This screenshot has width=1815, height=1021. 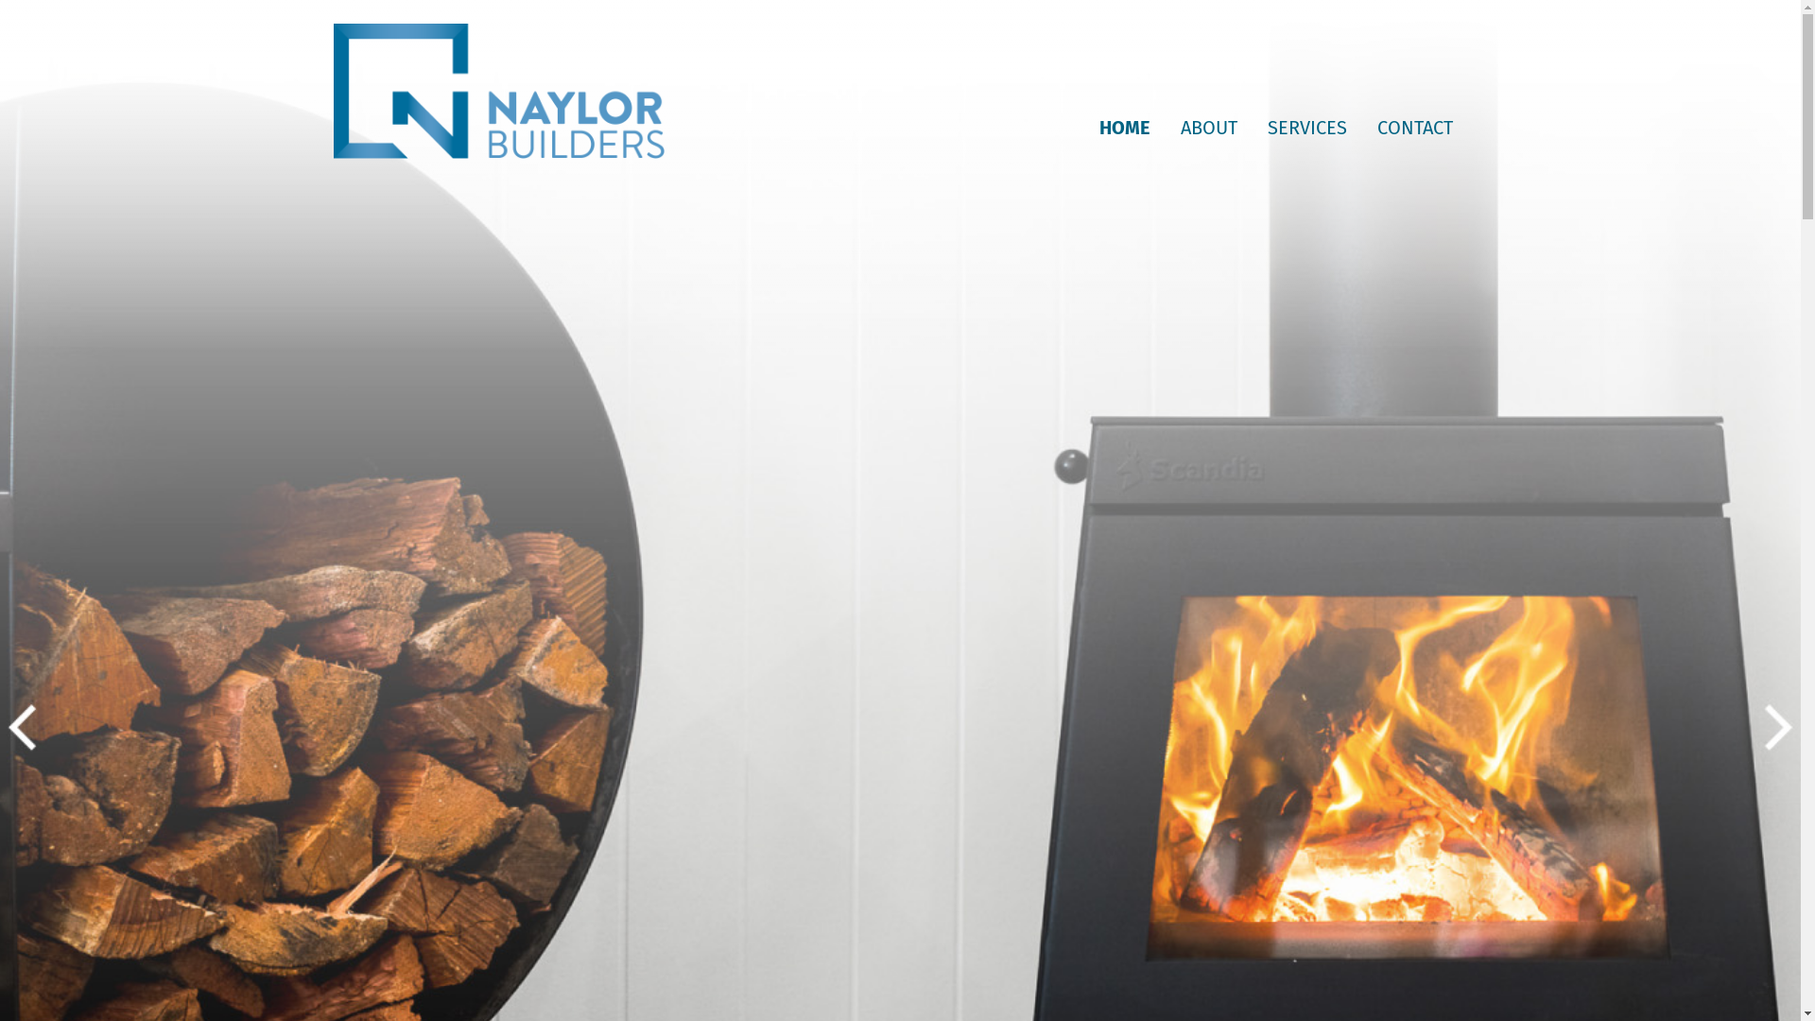 What do you see at coordinates (1206, 127) in the screenshot?
I see `'ABOUT'` at bounding box center [1206, 127].